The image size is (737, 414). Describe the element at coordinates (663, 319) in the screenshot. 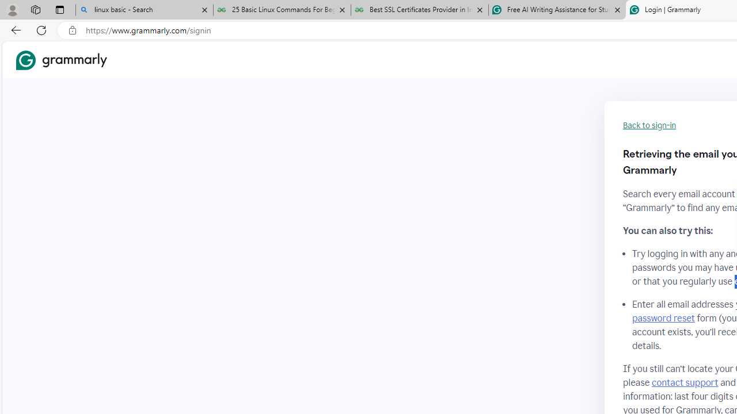

I see `'password reset'` at that location.